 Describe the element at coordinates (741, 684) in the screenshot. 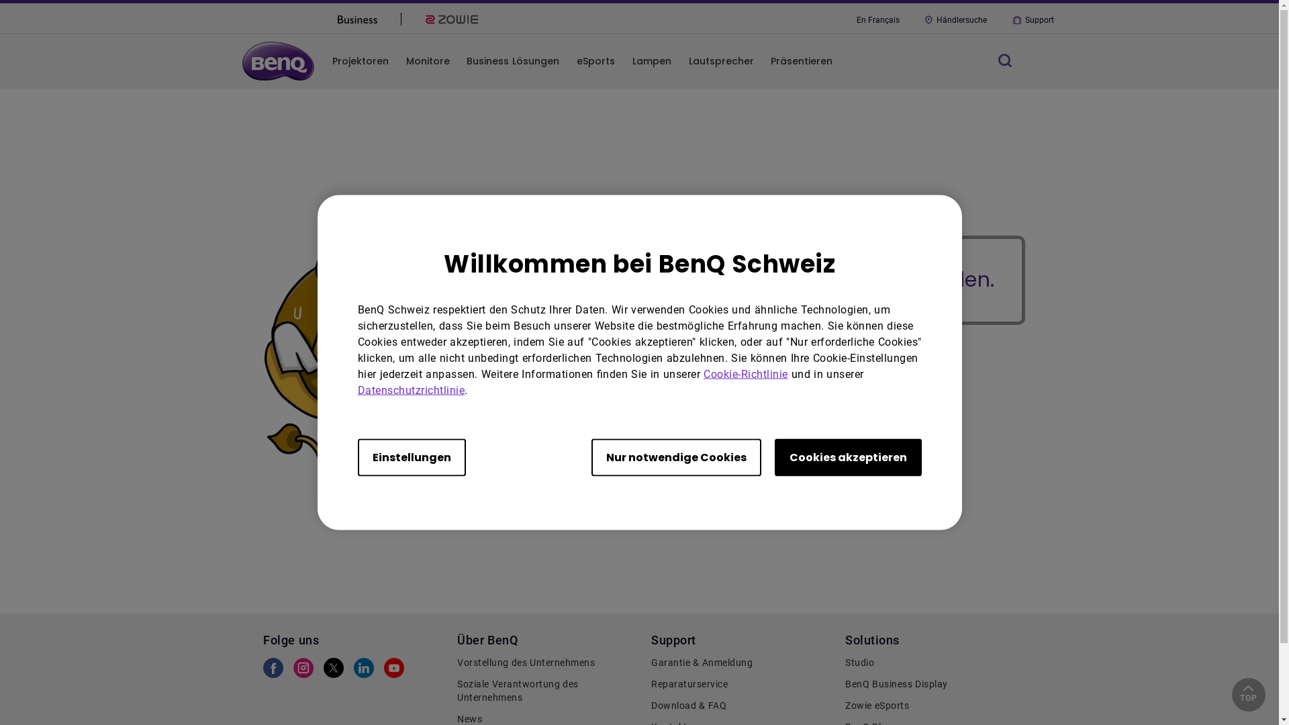

I see `'Reparaturservice'` at that location.